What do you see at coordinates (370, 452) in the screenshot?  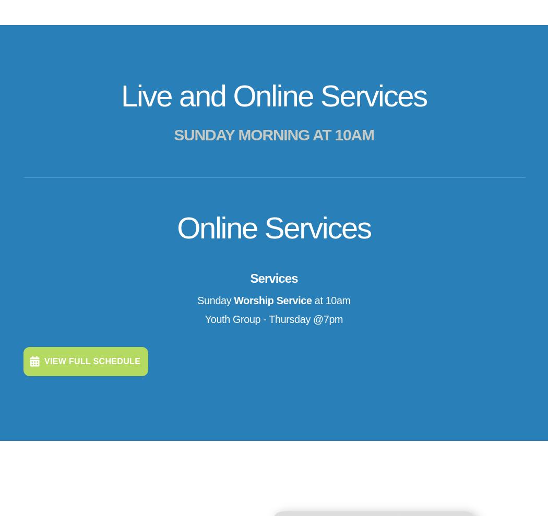 I see `'24 Shade Tree Lane'` at bounding box center [370, 452].